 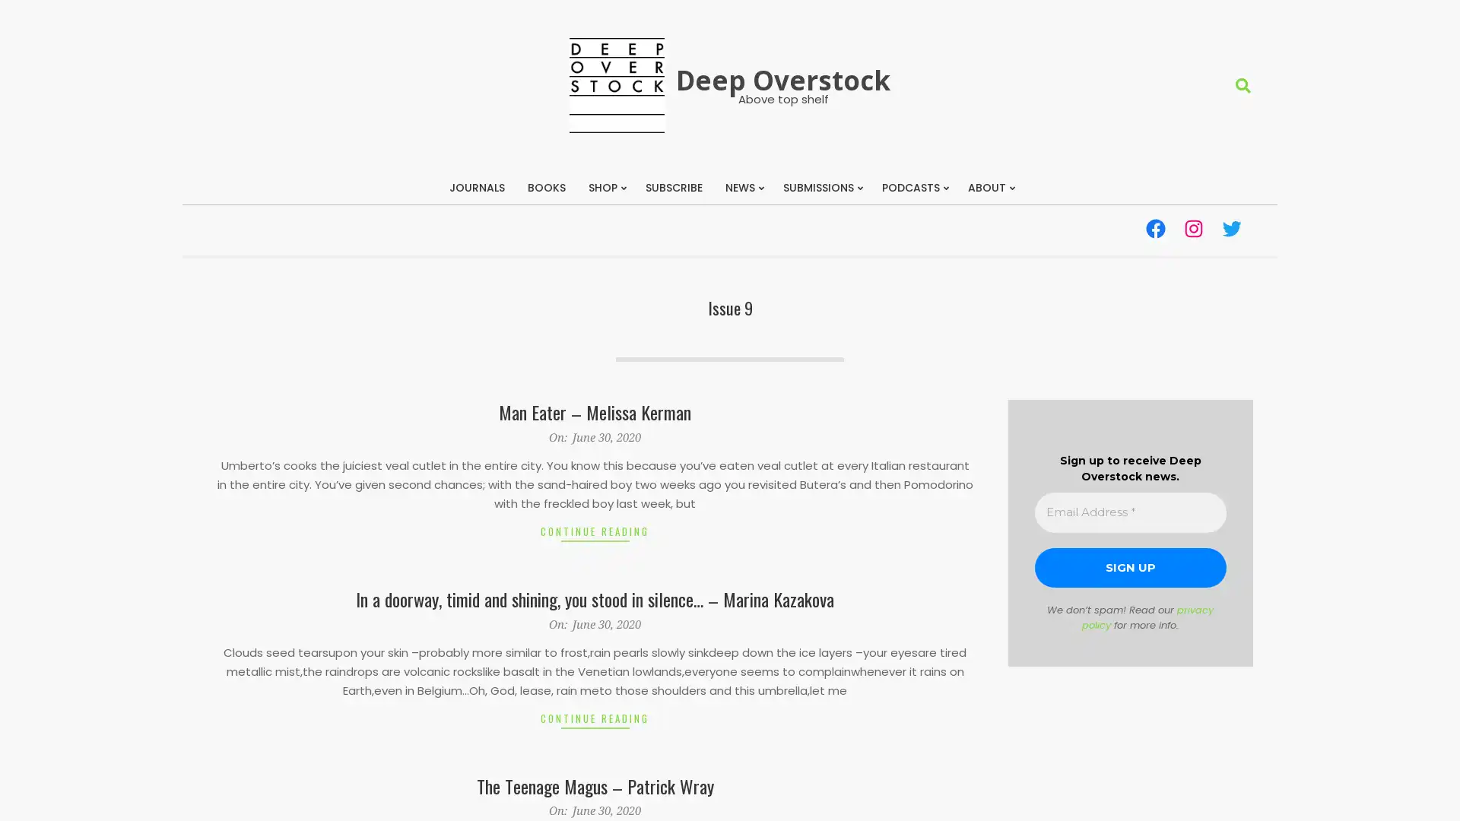 I want to click on Sign up, so click(x=1130, y=567).